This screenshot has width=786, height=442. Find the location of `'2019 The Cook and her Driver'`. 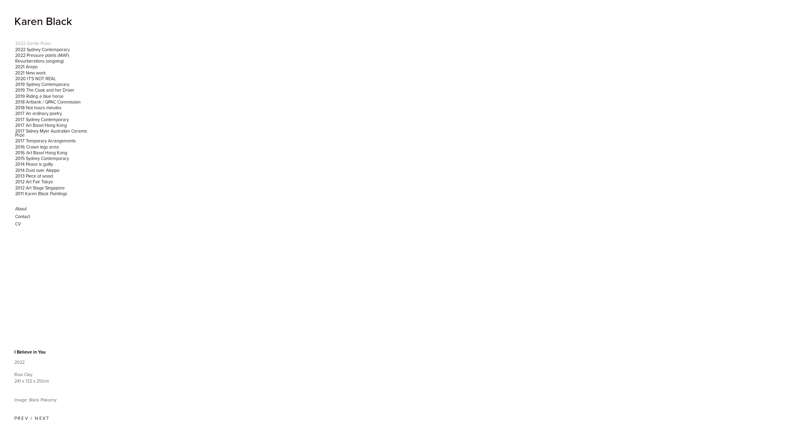

'2019 The Cook and her Driver' is located at coordinates (52, 90).